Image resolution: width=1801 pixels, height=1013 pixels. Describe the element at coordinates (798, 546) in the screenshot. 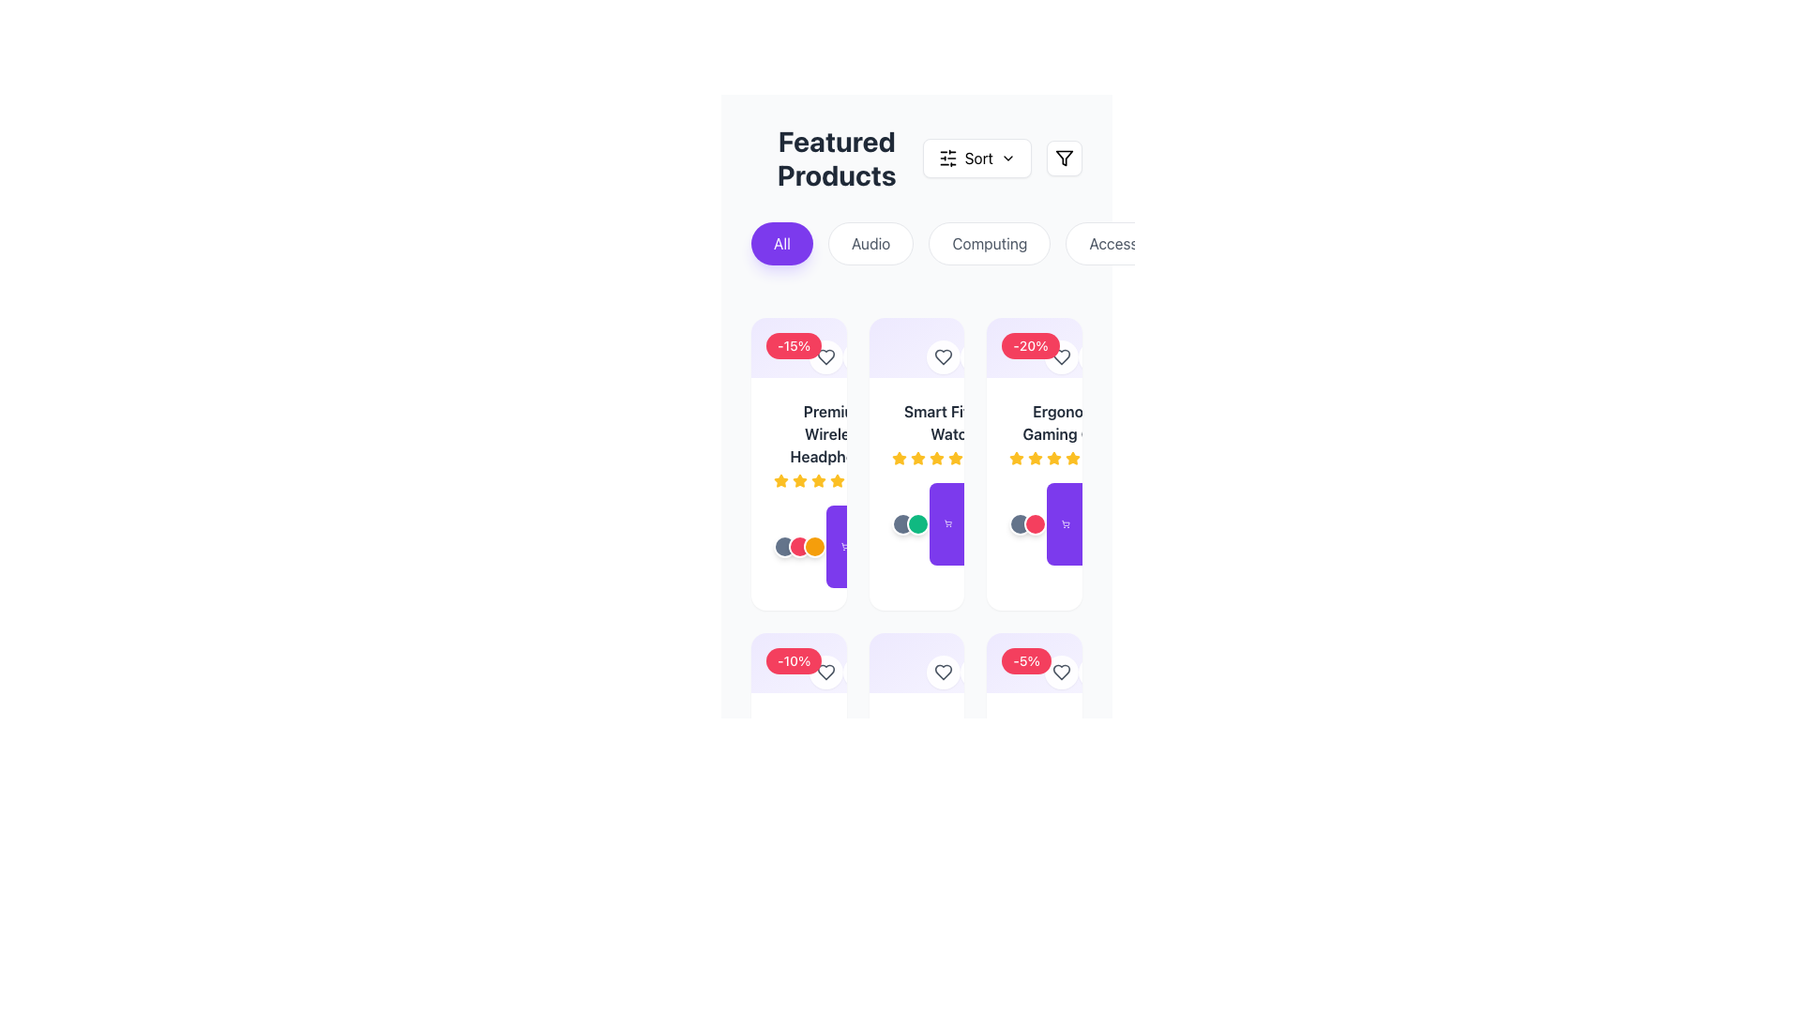

I see `the second selectable circle option for color choice located in the middle bottom section of the product card for 'Premium Wireless Headphones'` at that location.